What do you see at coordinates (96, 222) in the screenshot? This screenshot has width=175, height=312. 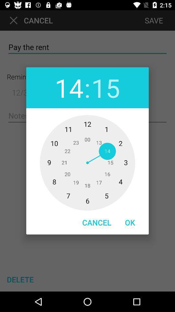 I see `cancel icon` at bounding box center [96, 222].